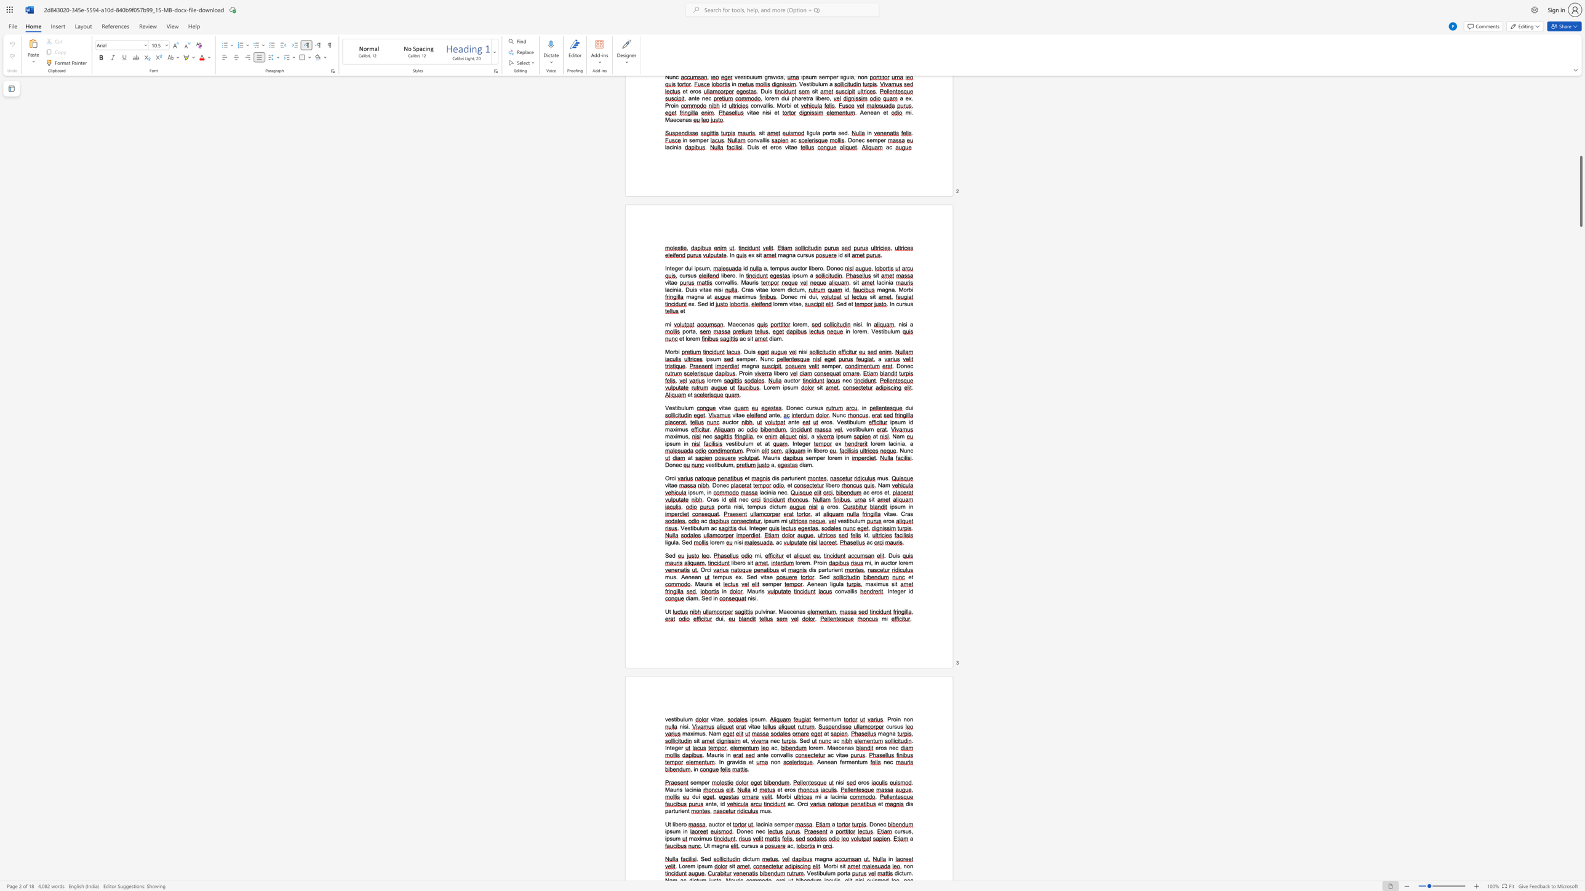  What do you see at coordinates (714, 824) in the screenshot?
I see `the space between the continuous character "u" and "c" in the text` at bounding box center [714, 824].